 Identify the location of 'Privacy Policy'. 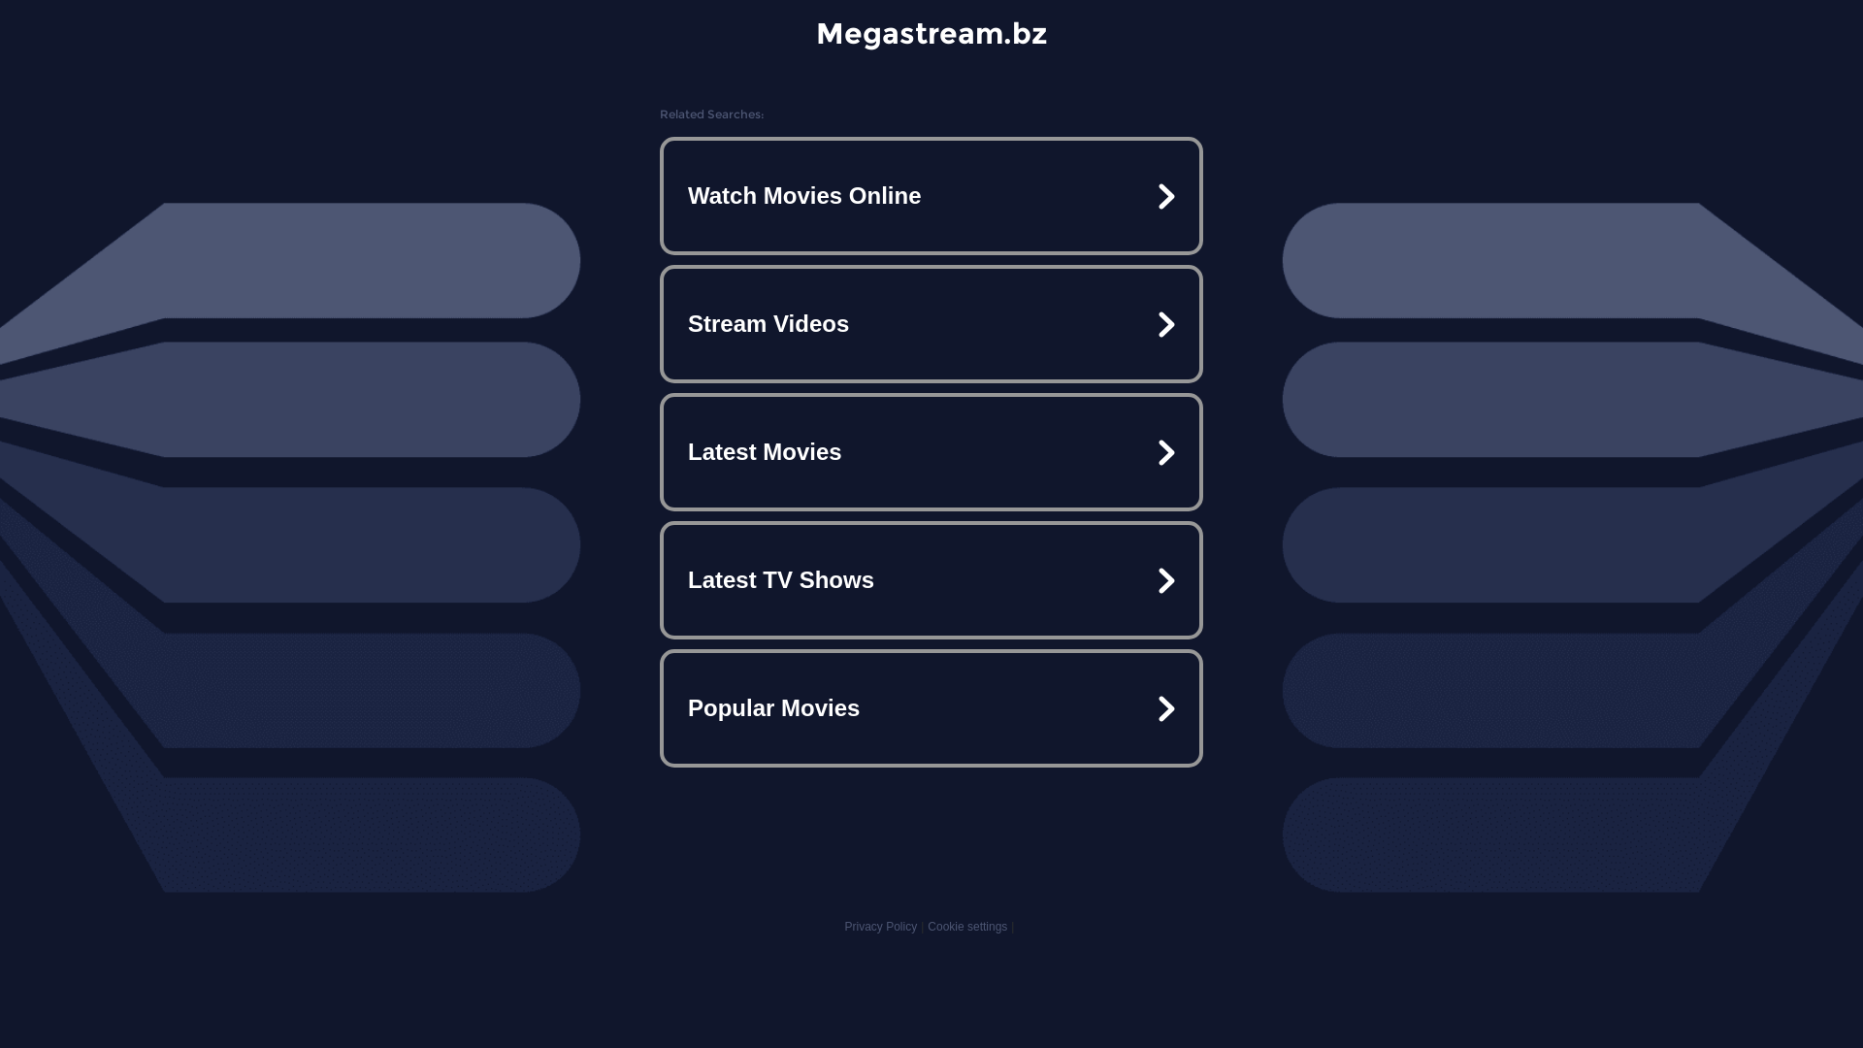
(843, 926).